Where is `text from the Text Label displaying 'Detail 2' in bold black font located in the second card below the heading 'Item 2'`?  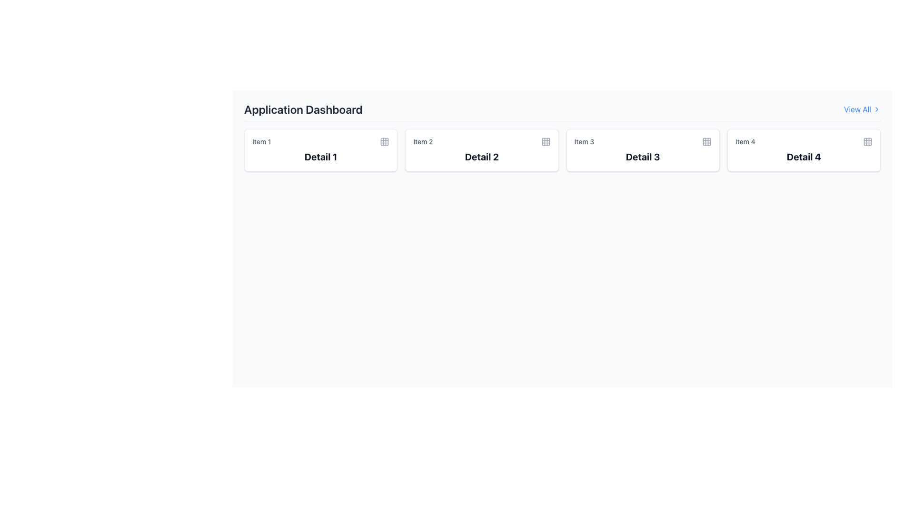
text from the Text Label displaying 'Detail 2' in bold black font located in the second card below the heading 'Item 2' is located at coordinates (482, 157).